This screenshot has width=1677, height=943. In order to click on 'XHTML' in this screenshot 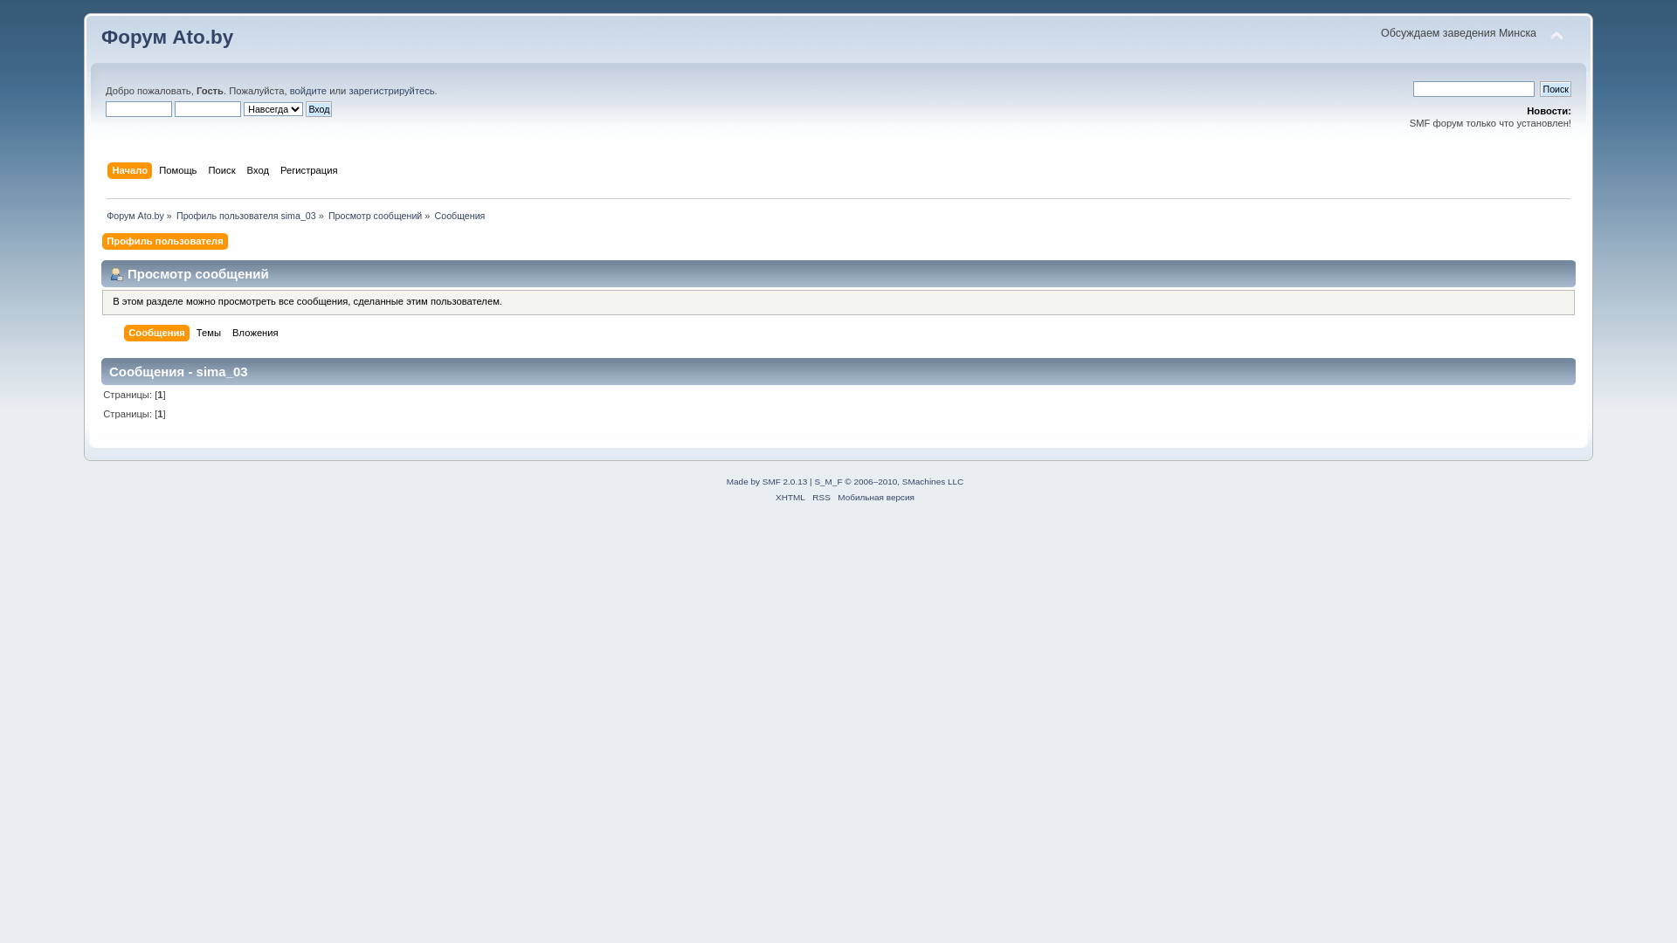, I will do `click(790, 497)`.